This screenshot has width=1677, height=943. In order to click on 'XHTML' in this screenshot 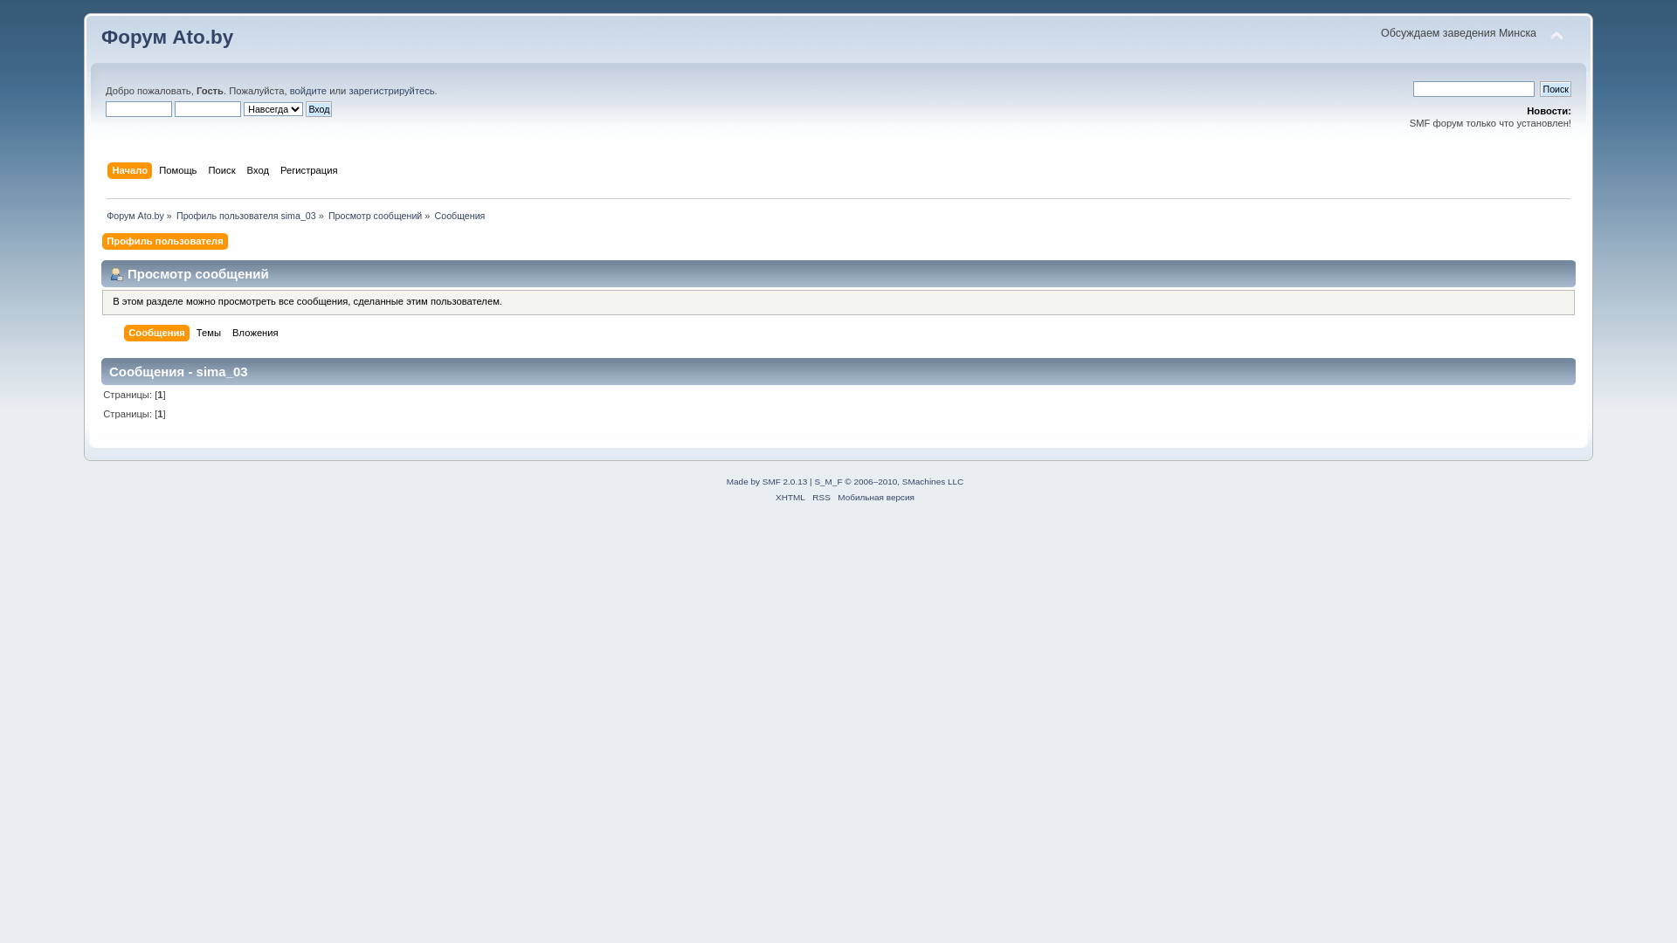, I will do `click(790, 497)`.